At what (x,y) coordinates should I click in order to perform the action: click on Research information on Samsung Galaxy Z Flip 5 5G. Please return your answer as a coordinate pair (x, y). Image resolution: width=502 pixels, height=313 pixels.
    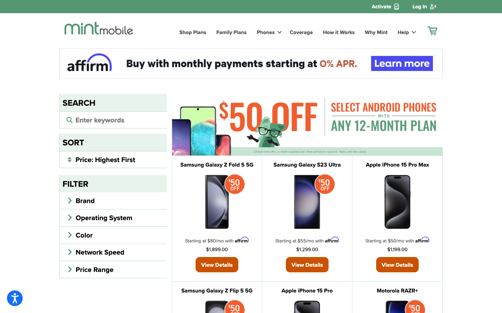
    Looking at the image, I should click on (216, 290).